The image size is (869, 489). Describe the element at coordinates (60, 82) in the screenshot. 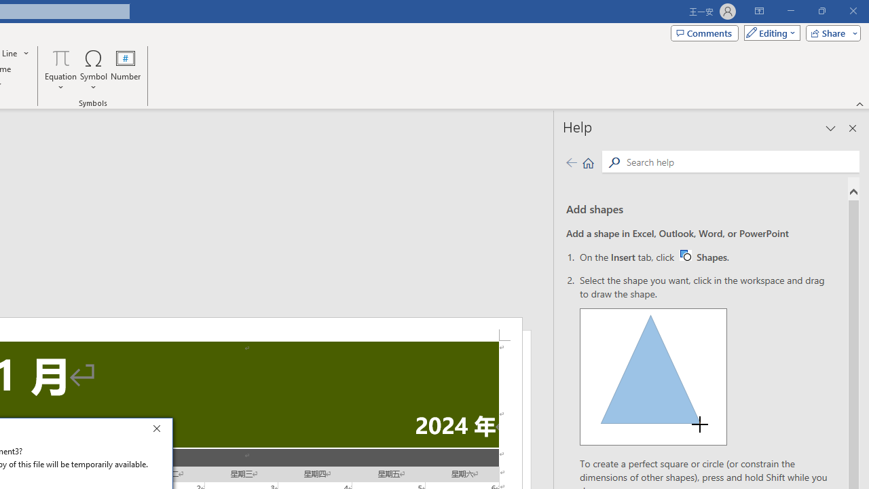

I see `'More Options'` at that location.